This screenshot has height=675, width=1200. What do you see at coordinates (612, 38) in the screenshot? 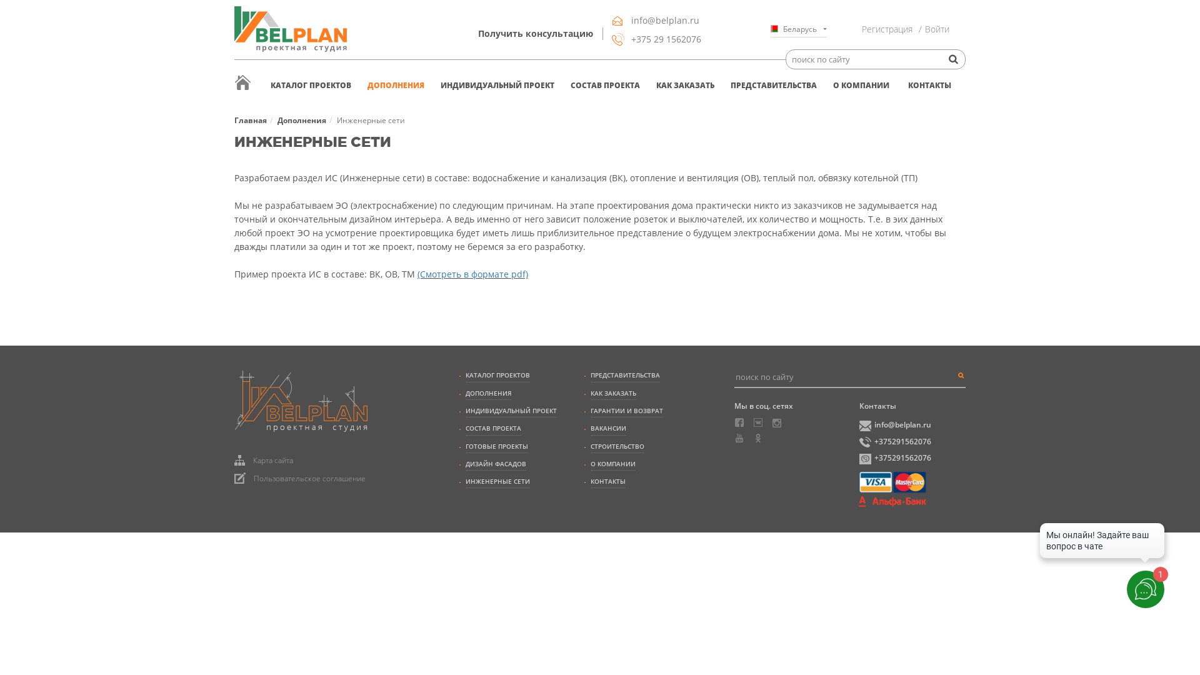
I see `'+375 29 1562076'` at bounding box center [612, 38].